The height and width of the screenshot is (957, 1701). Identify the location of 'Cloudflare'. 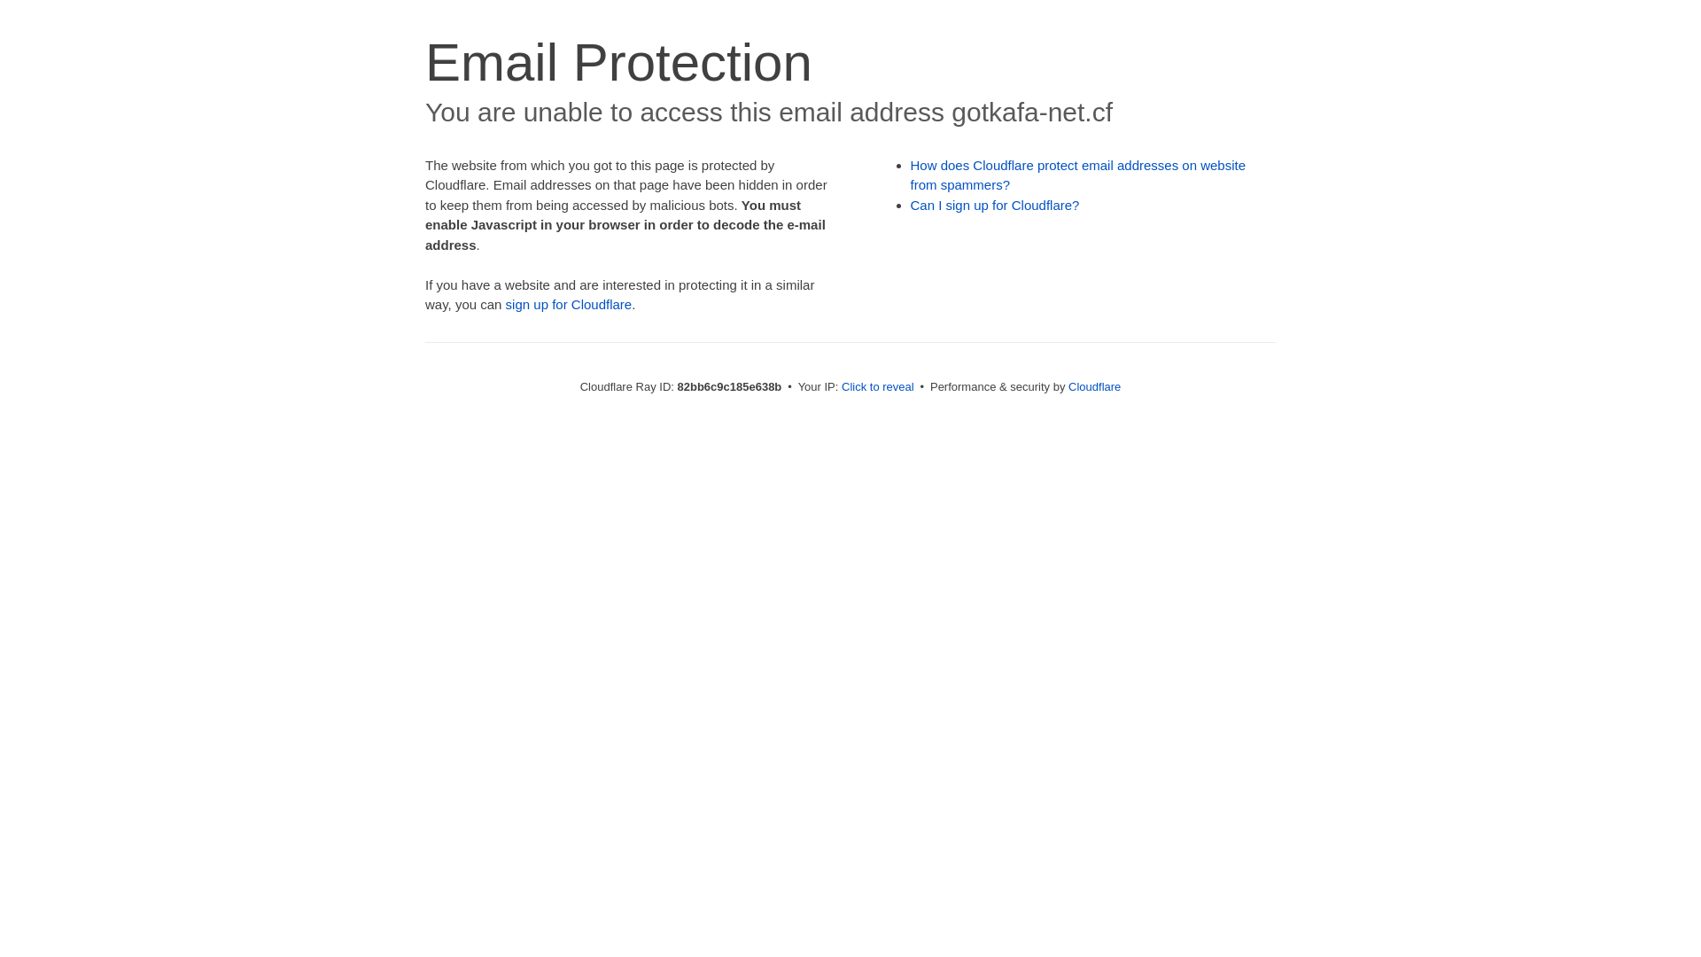
(1067, 385).